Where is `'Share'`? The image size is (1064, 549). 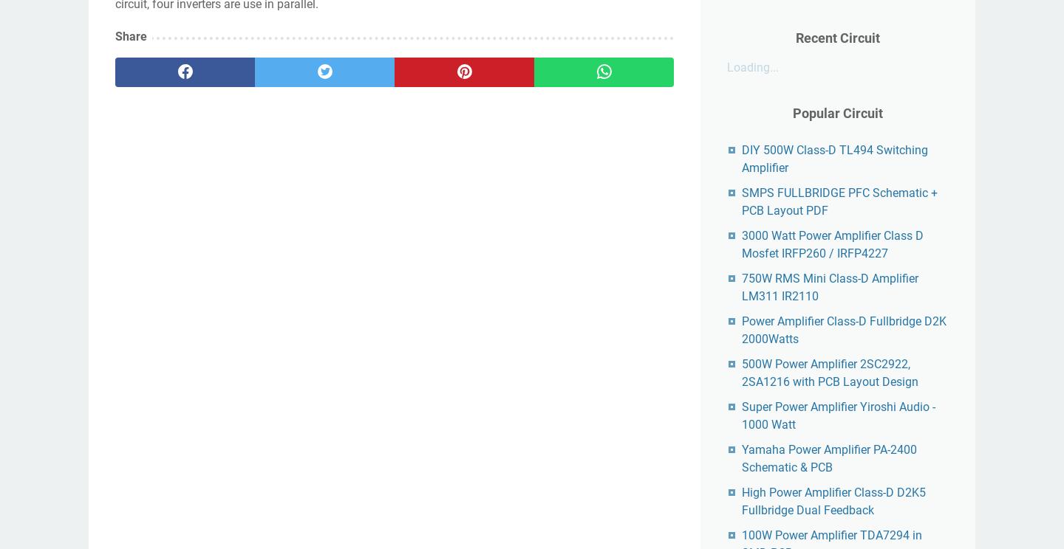 'Share' is located at coordinates (130, 35).